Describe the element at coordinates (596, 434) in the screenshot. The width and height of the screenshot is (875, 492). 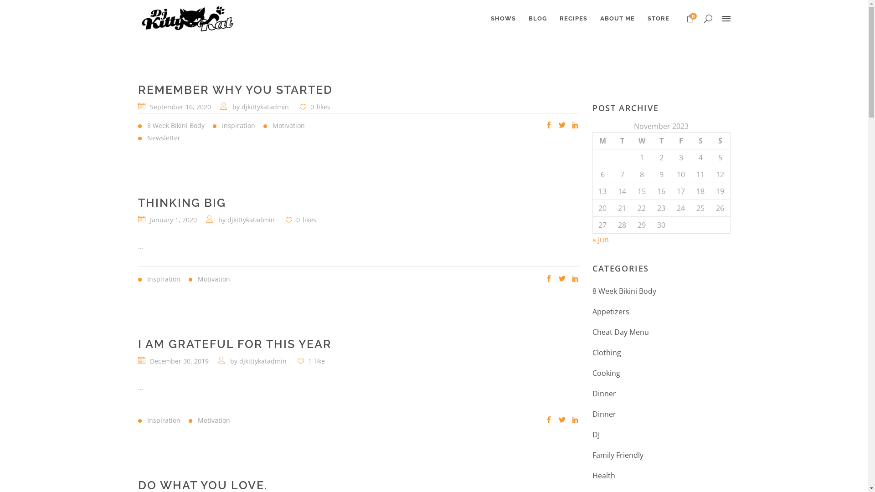
I see `'DJ'` at that location.